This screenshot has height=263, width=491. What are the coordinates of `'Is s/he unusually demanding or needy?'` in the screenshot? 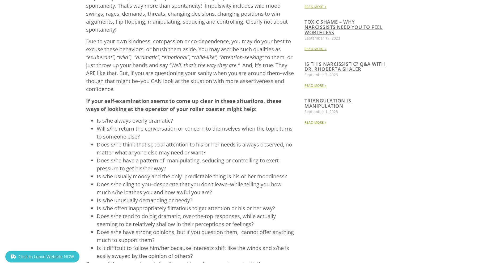 It's located at (144, 200).